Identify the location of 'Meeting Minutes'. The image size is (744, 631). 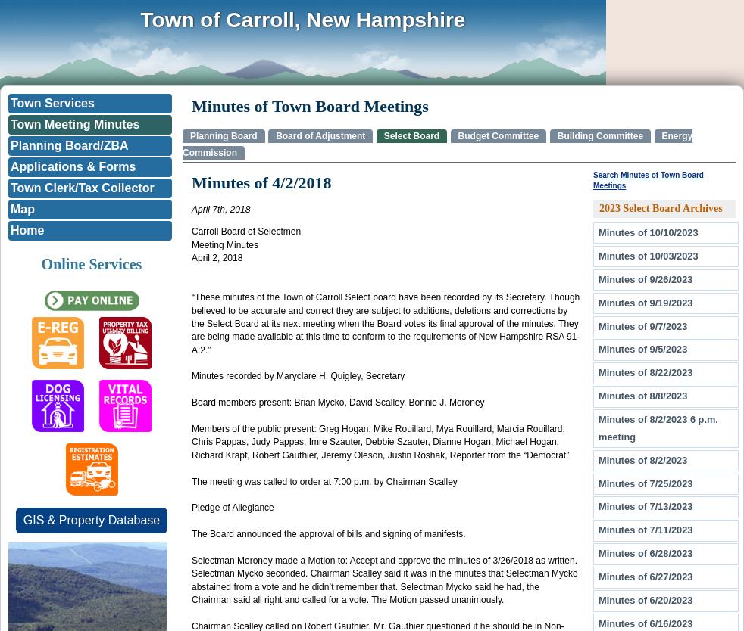
(191, 244).